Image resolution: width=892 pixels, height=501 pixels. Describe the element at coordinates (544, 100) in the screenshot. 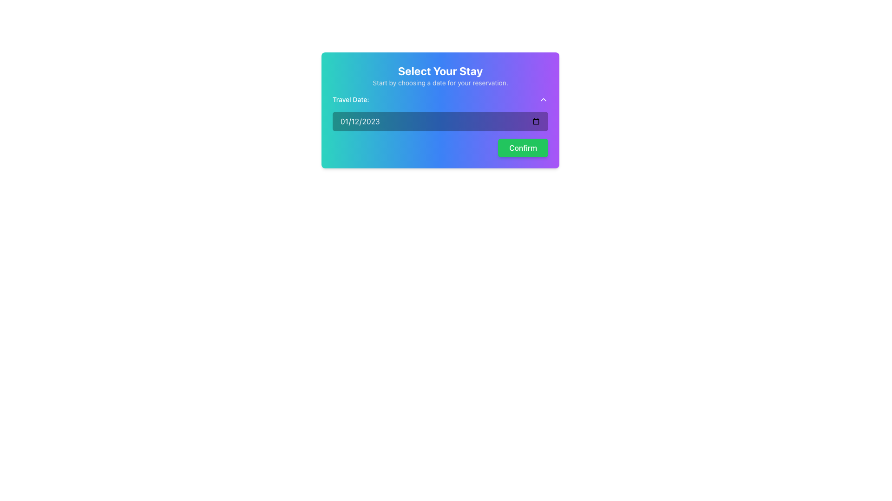

I see `the upward chevron icon button located to the right of the 'Travel Date:' label` at that location.